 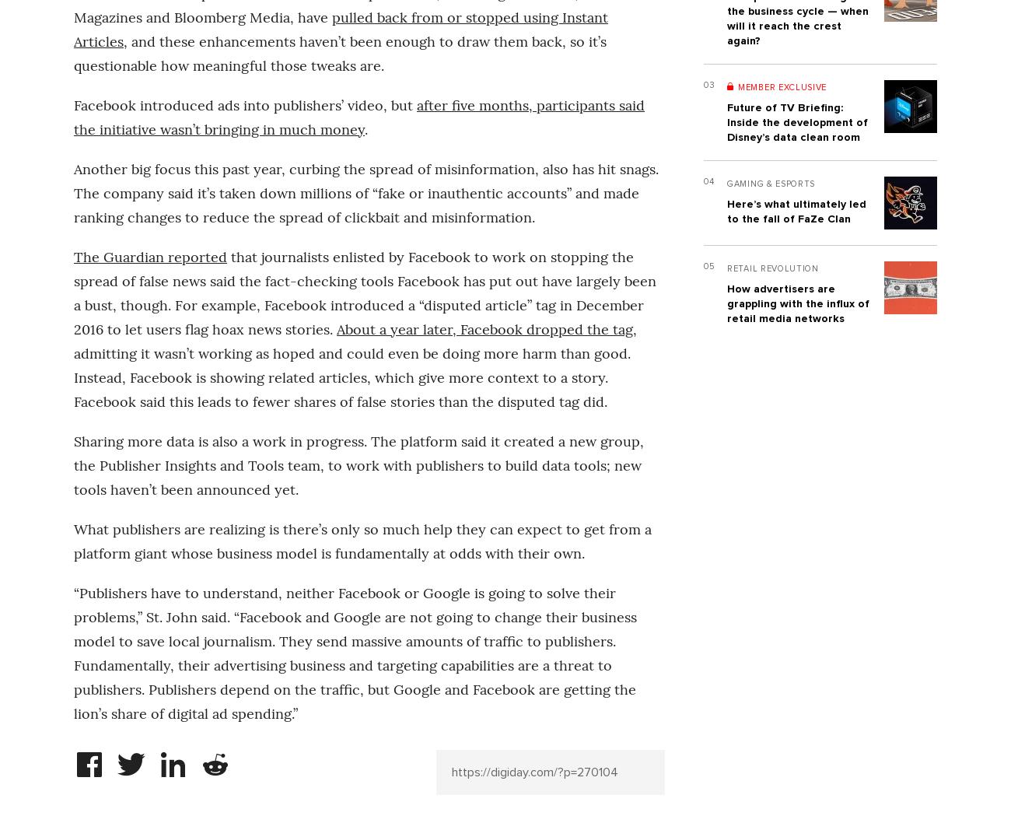 I want to click on '03', so click(x=708, y=84).